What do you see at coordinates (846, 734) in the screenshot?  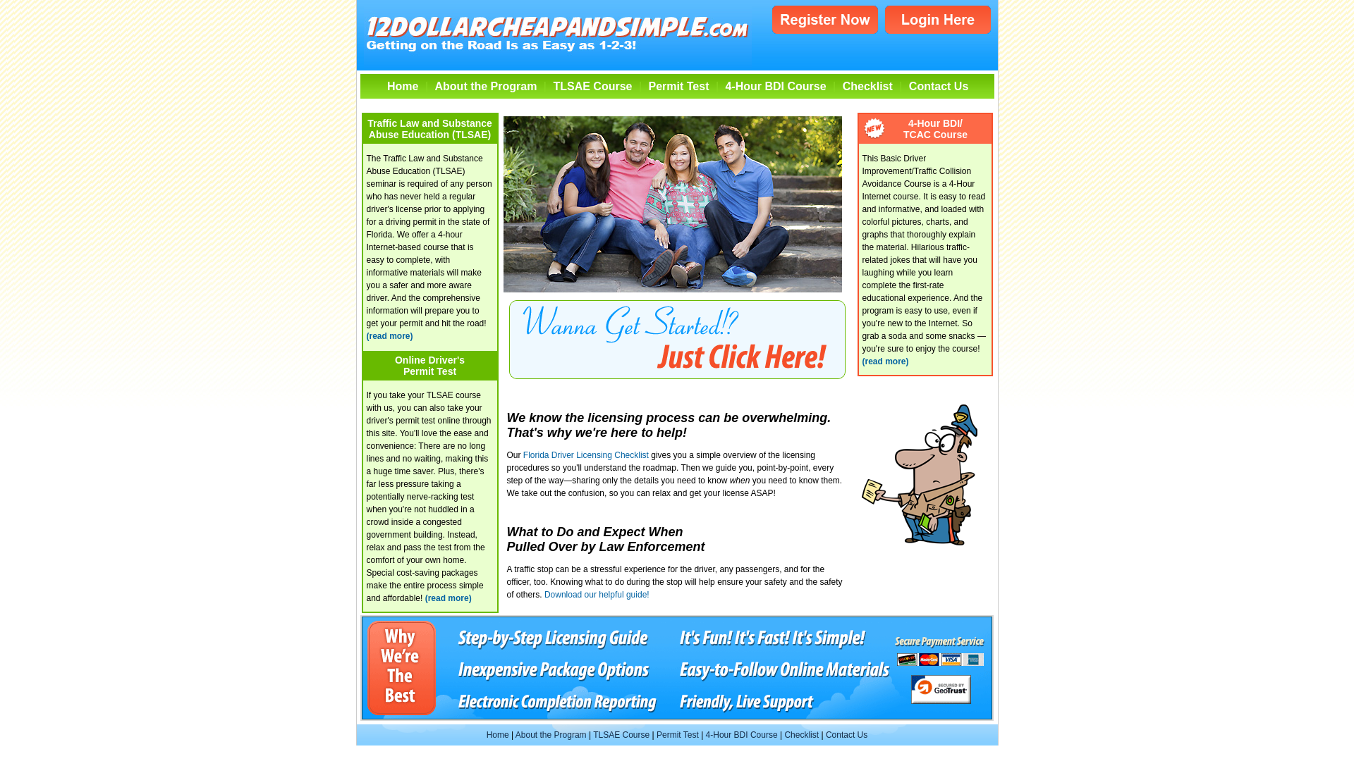 I see `'Contact Us'` at bounding box center [846, 734].